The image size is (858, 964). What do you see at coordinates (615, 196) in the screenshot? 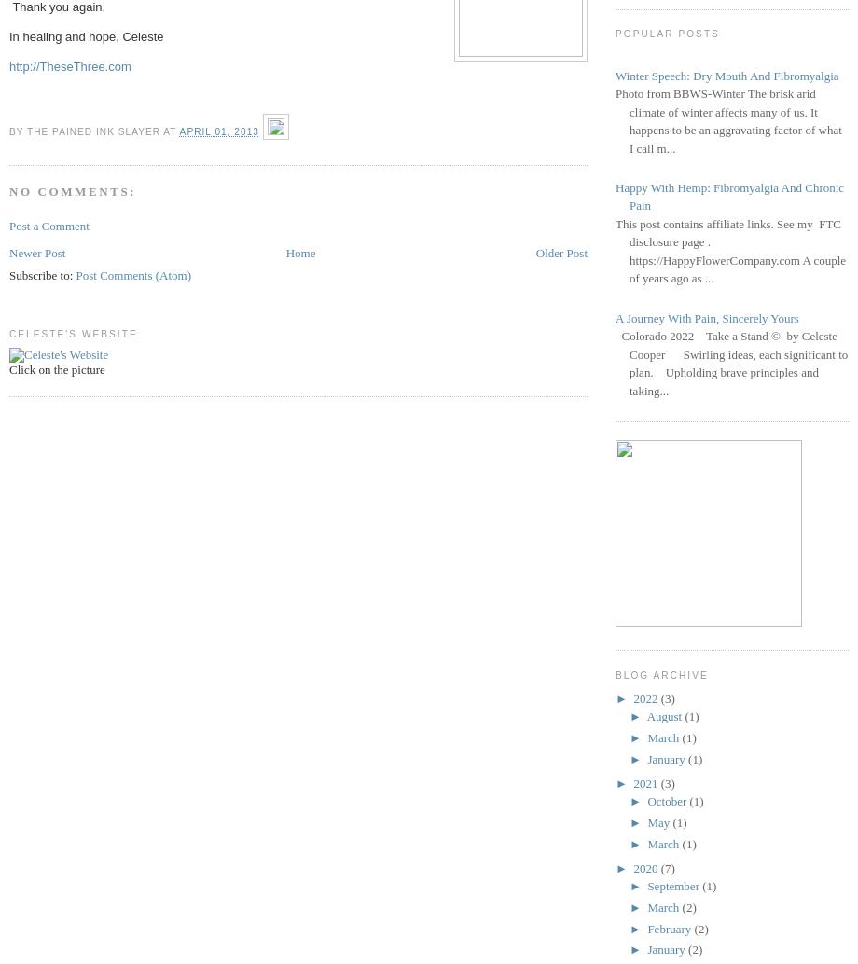
I see `'Happy With Hemp: Fibromyalgia And Chronic Pain'` at bounding box center [615, 196].